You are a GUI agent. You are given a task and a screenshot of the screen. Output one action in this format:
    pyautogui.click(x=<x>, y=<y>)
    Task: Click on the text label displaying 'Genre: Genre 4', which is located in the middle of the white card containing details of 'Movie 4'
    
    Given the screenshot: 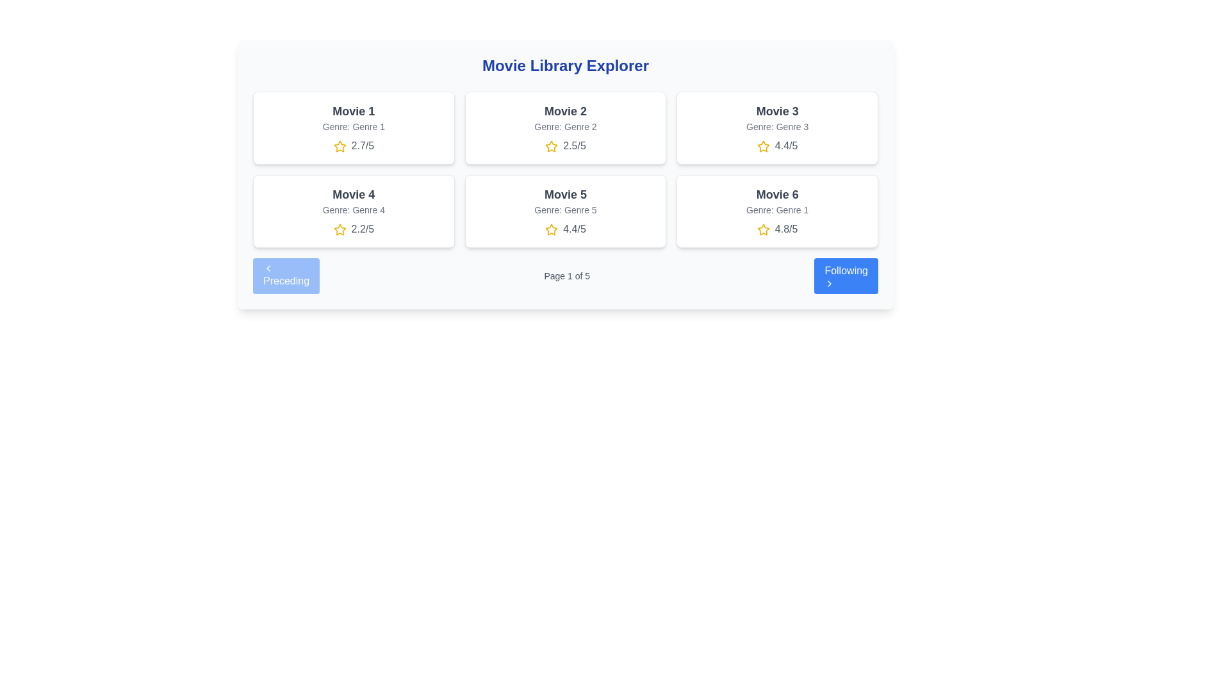 What is the action you would take?
    pyautogui.click(x=354, y=209)
    